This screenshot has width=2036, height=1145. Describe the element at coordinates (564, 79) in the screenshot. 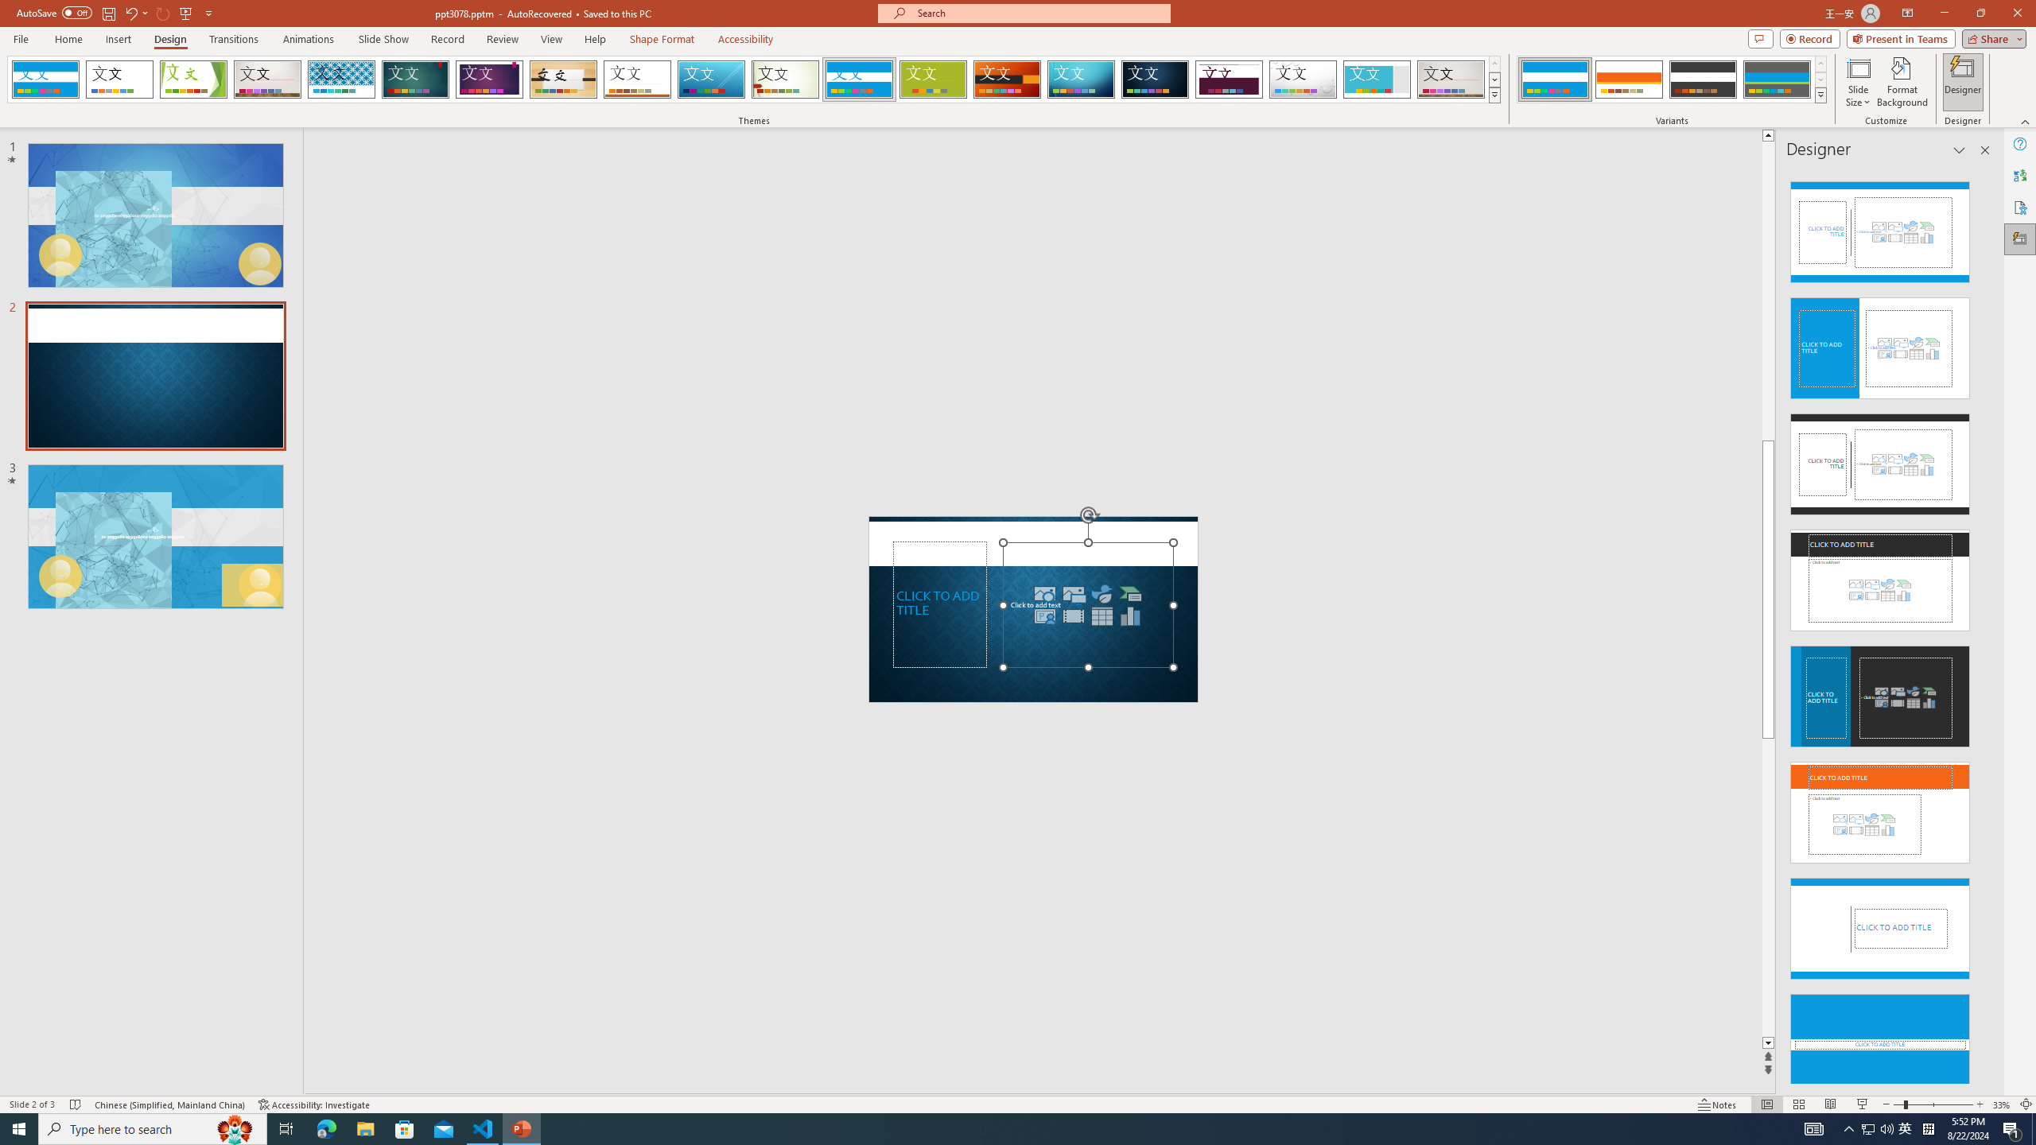

I see `'Organic'` at that location.